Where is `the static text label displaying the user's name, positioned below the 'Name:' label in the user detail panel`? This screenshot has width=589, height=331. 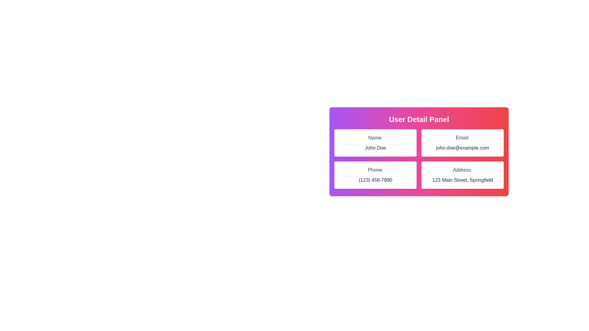 the static text label displaying the user's name, positioned below the 'Name:' label in the user detail panel is located at coordinates (375, 148).